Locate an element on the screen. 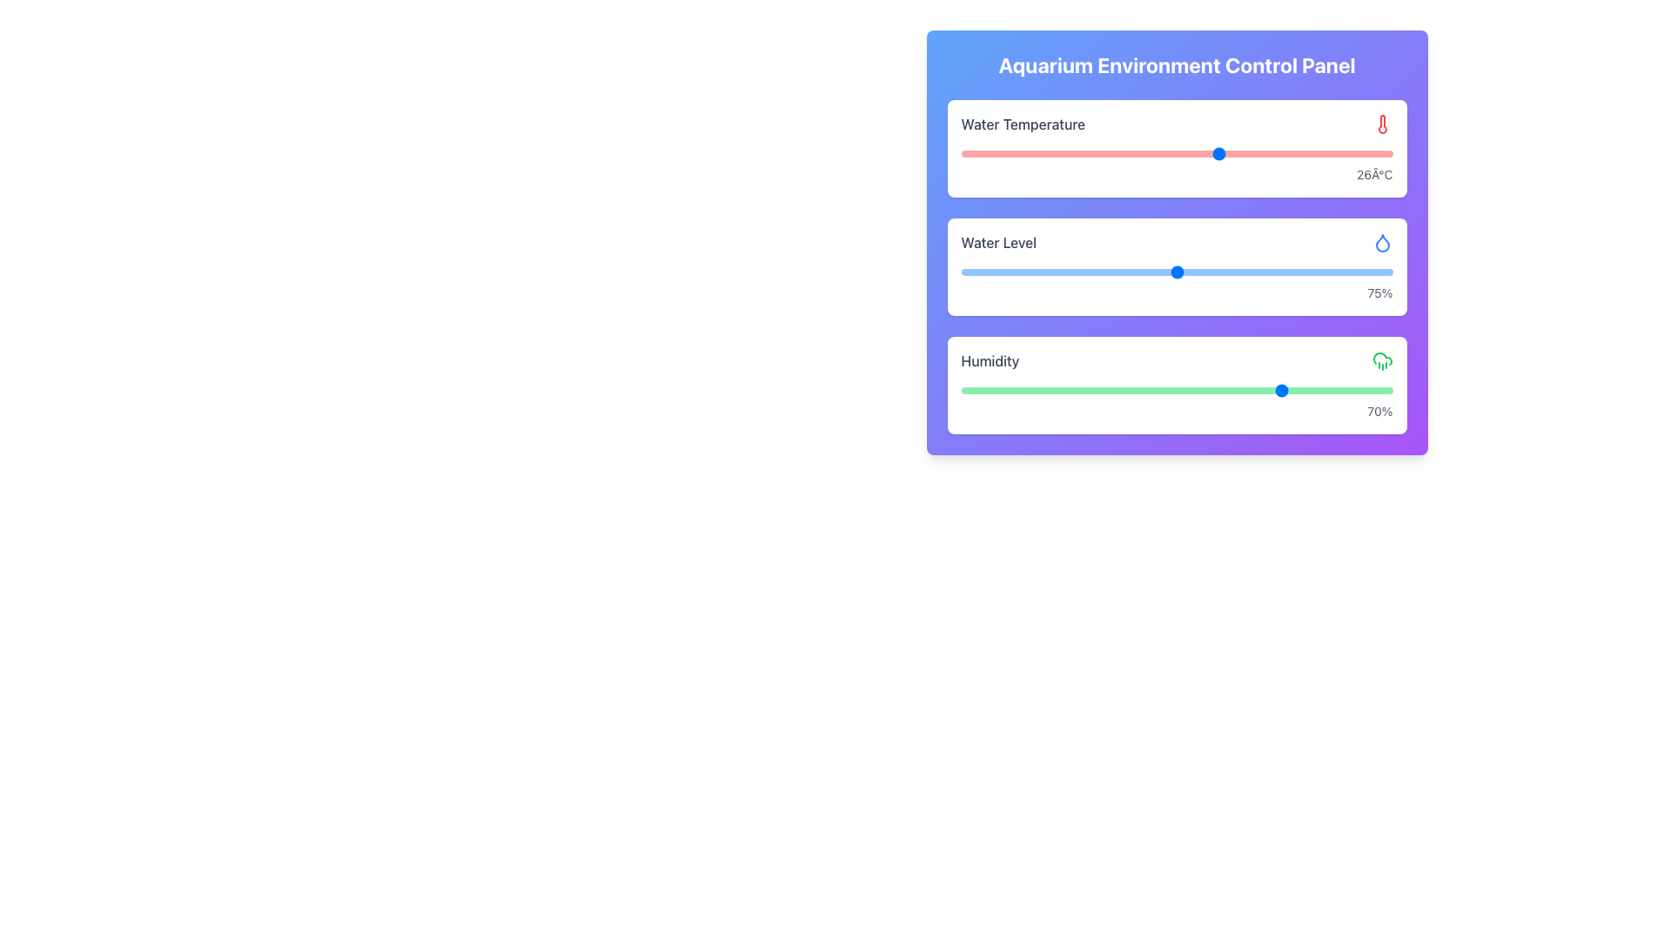  the water level indicator icon located to the right of the horizontal bar labeled 'Water Level', adjacent to the numerical percentage value is located at coordinates (1381, 242).